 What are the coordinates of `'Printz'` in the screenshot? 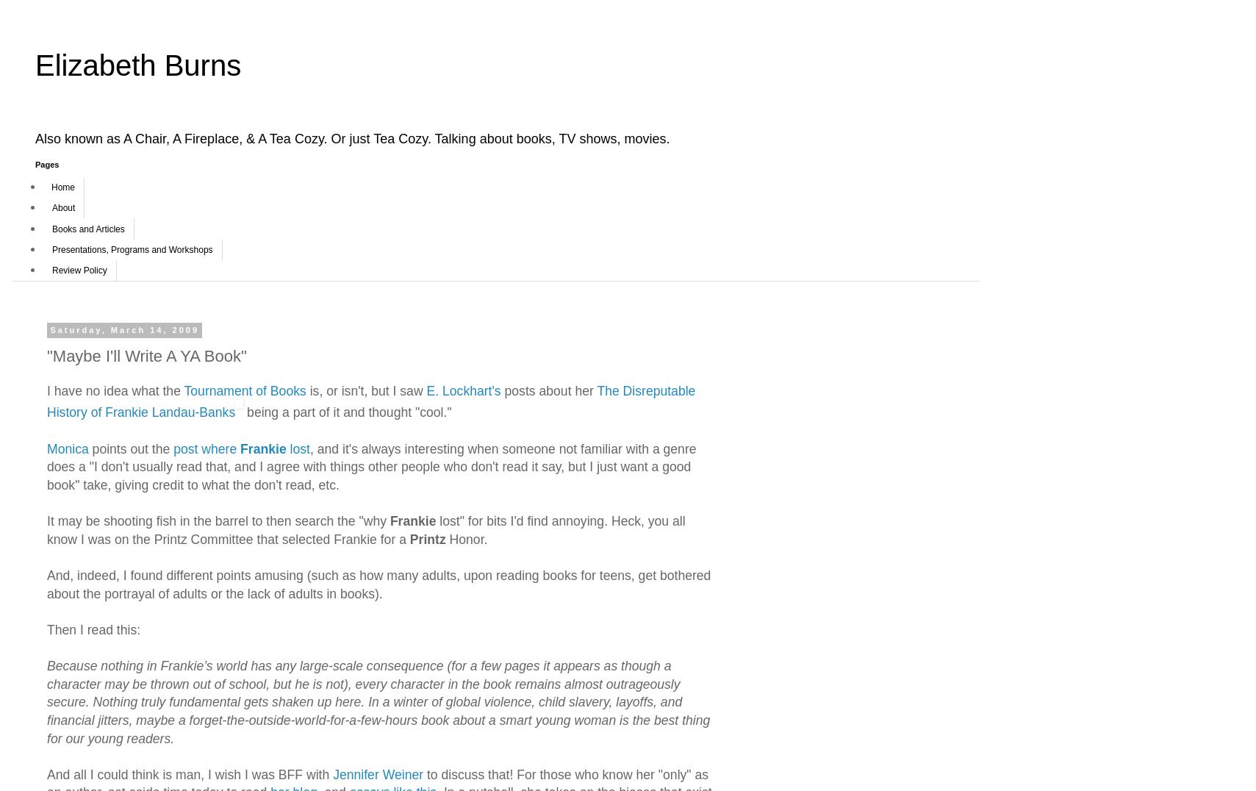 It's located at (426, 537).